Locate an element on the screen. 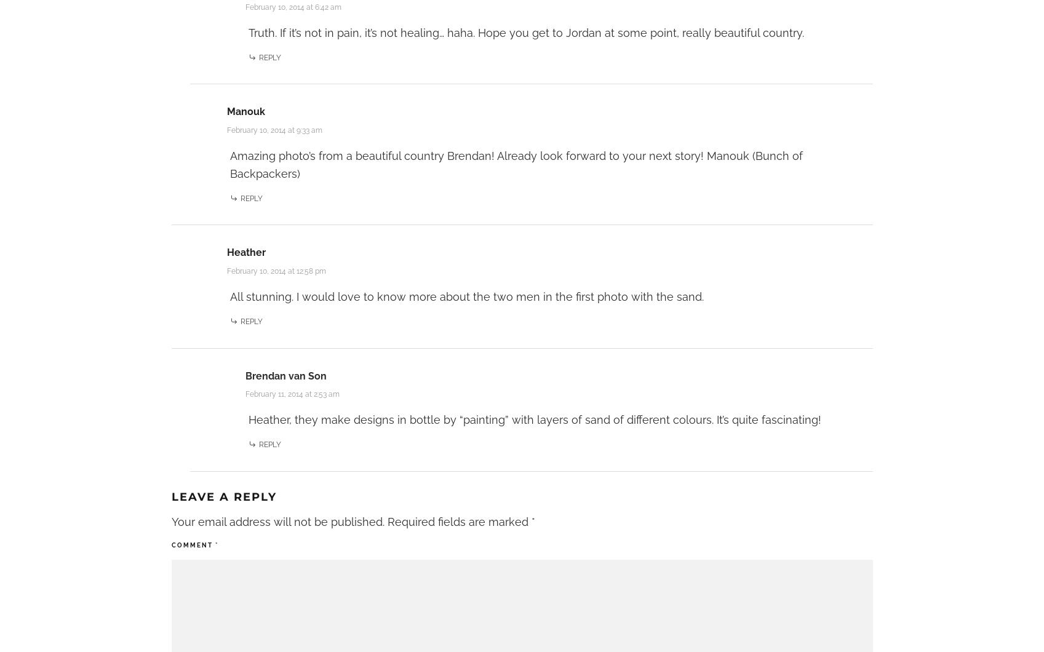 Image resolution: width=1044 pixels, height=652 pixels. 'February 10, 2014 at 12:58 pm' is located at coordinates (275, 270).